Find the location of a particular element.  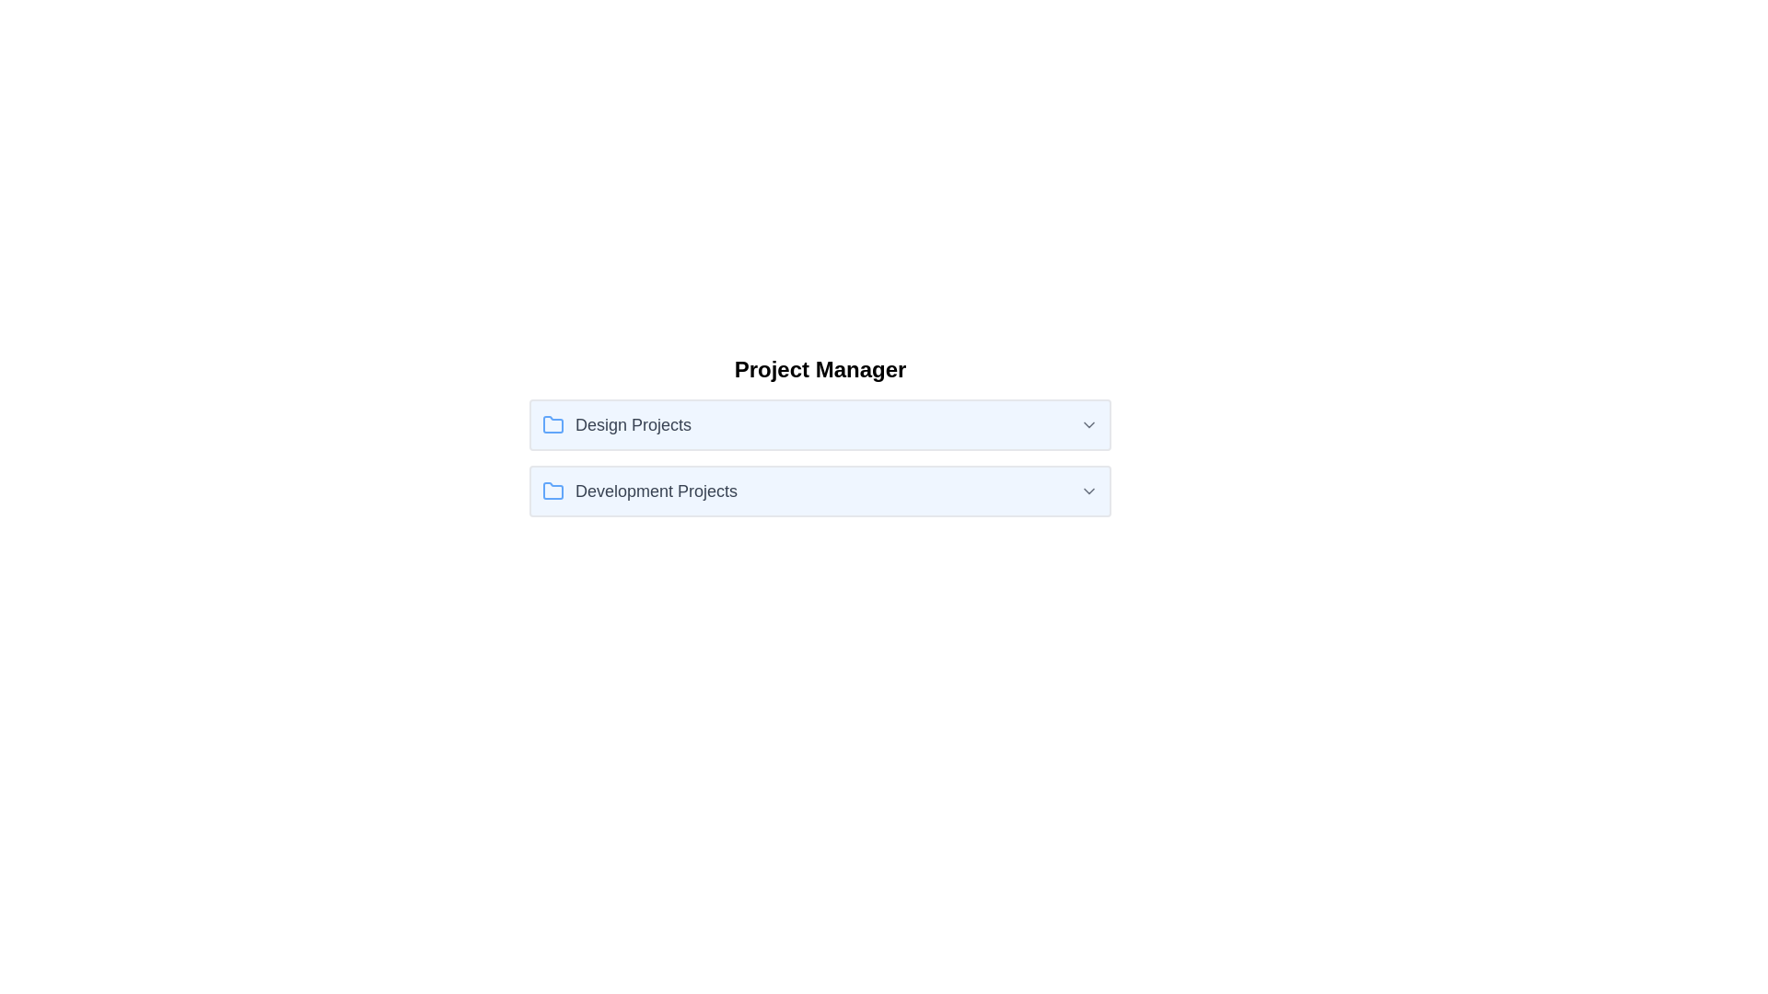

the 'Development Projects' text label with icon, which features a blue folder icon and is located in the lower section under the 'Project Manager' header is located at coordinates (640, 490).